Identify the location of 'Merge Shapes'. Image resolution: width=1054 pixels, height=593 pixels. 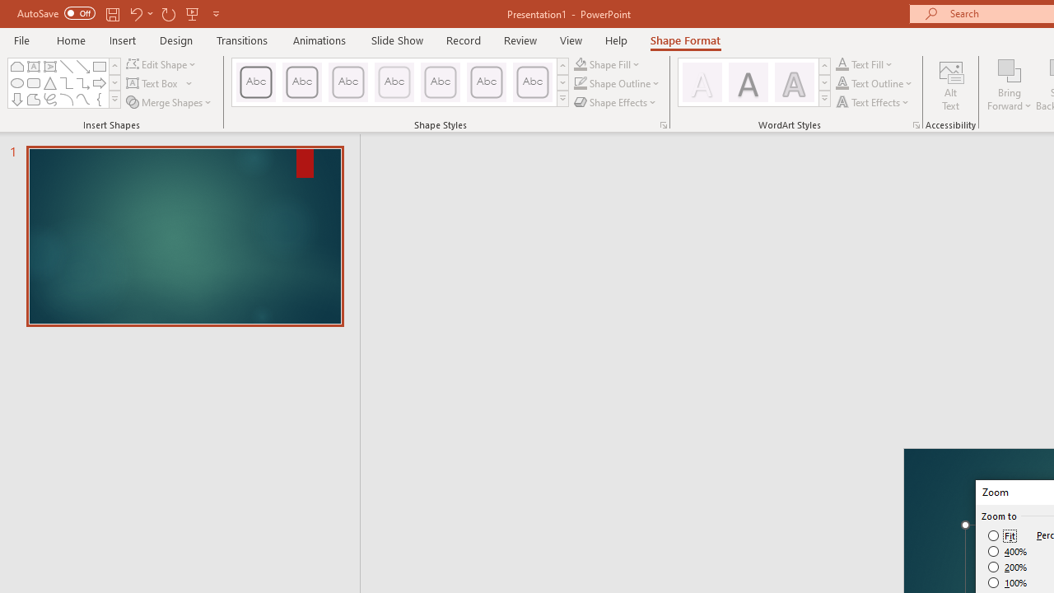
(170, 102).